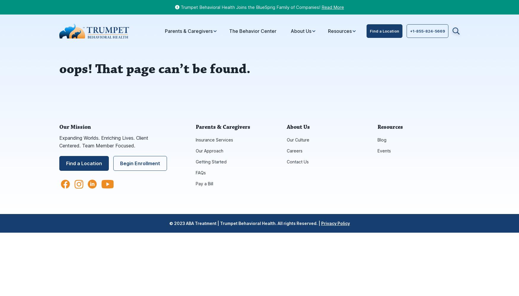  Describe the element at coordinates (155, 69) in the screenshot. I see `'oops! That page can’t be found.'` at that location.